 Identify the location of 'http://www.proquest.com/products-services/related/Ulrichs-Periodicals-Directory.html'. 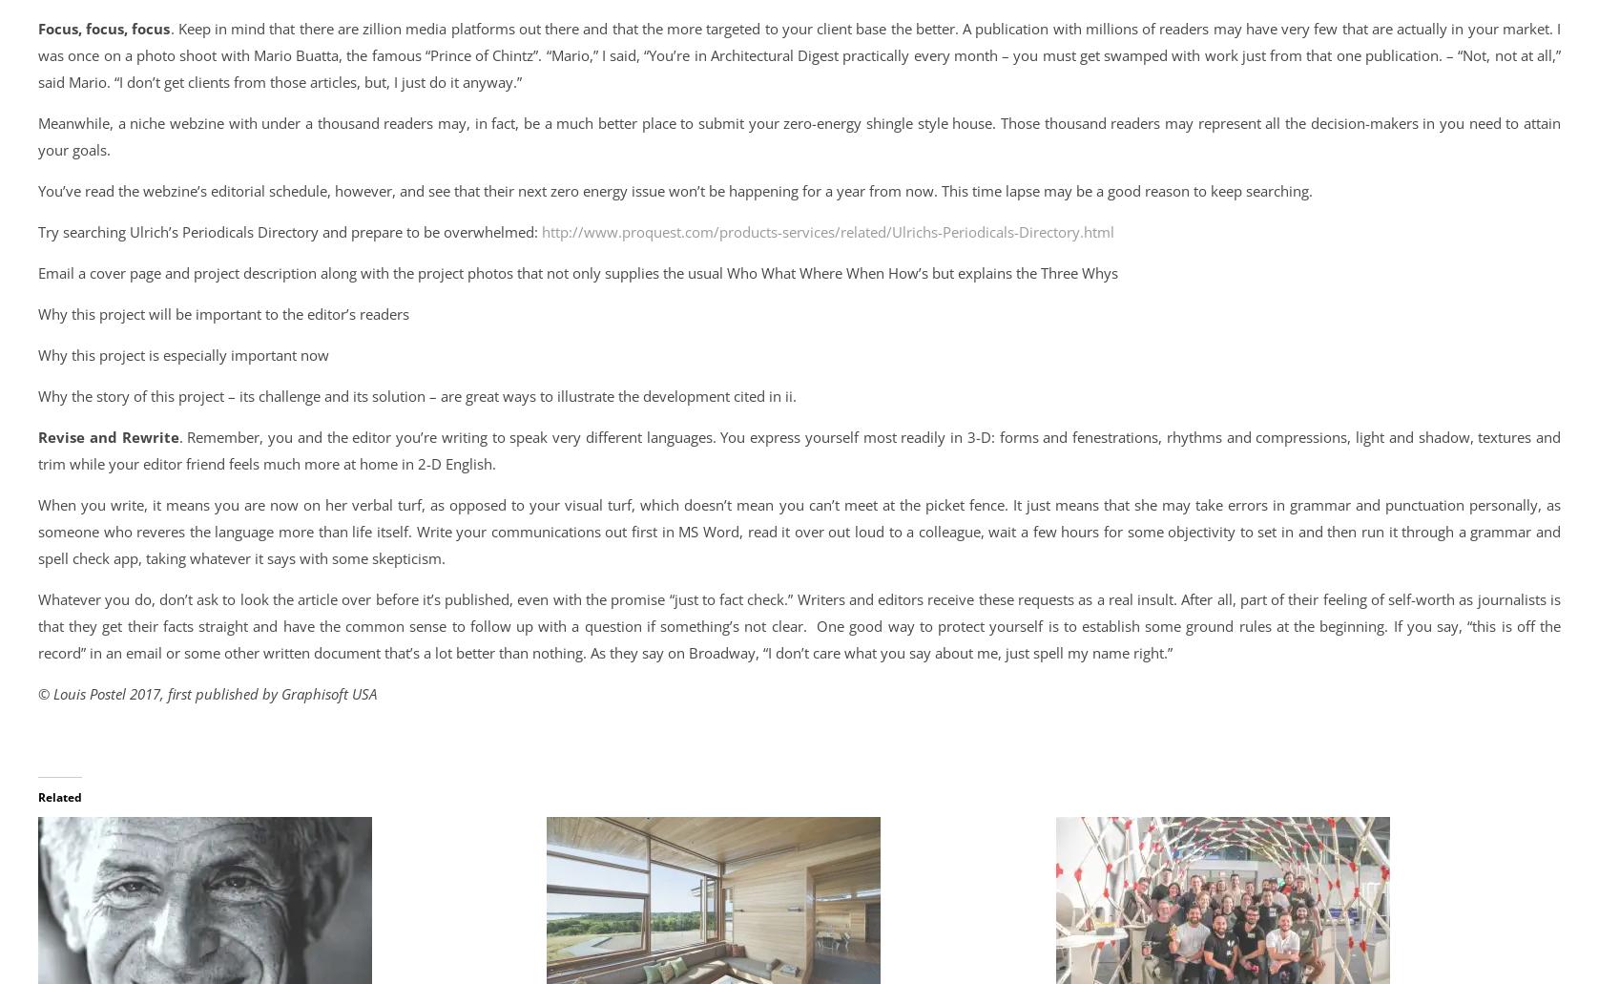
(828, 232).